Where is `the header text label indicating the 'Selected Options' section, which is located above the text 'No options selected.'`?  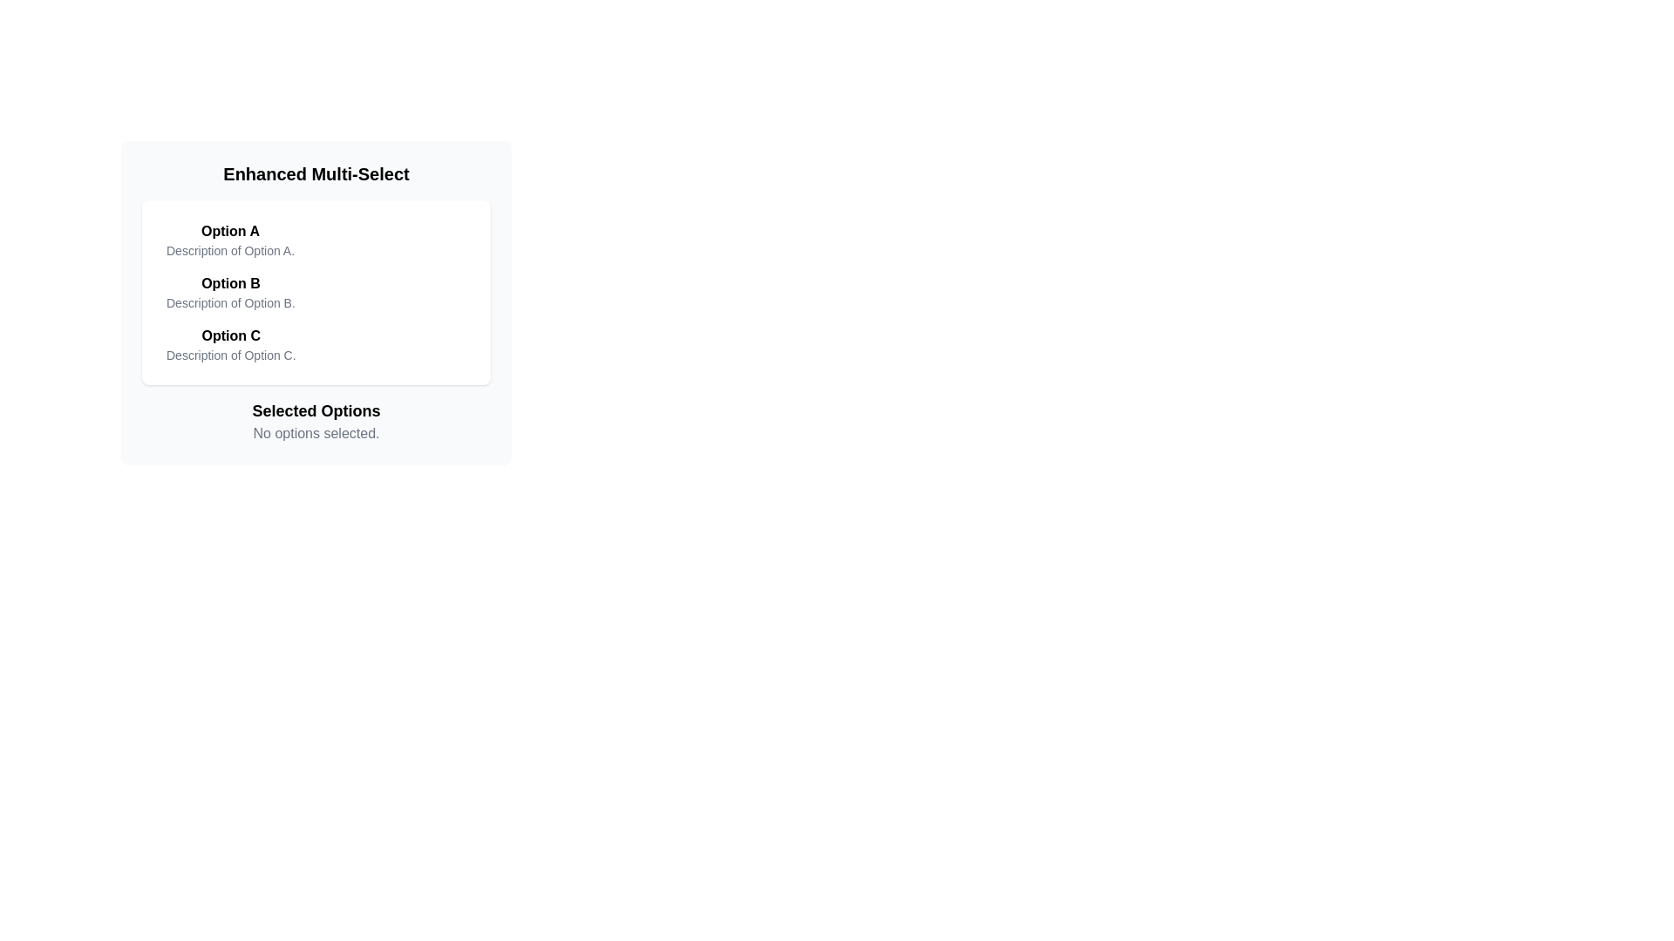 the header text label indicating the 'Selected Options' section, which is located above the text 'No options selected.' is located at coordinates (316, 410).